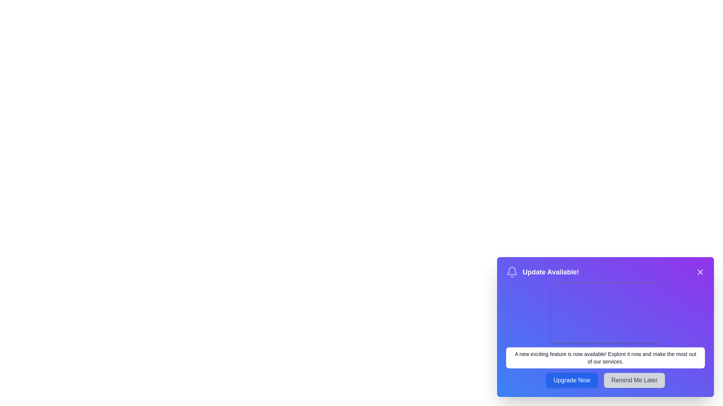 This screenshot has width=723, height=406. What do you see at coordinates (572, 380) in the screenshot?
I see `'Upgrade Now' button to proceed with the upgrade` at bounding box center [572, 380].